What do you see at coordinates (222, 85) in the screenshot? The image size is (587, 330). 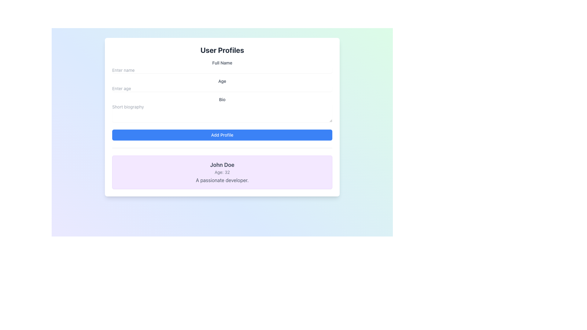 I see `the static text label indicating the expected input as age, which is positioned directly above the text input field for entering age and below the label for 'Full Name'` at bounding box center [222, 85].